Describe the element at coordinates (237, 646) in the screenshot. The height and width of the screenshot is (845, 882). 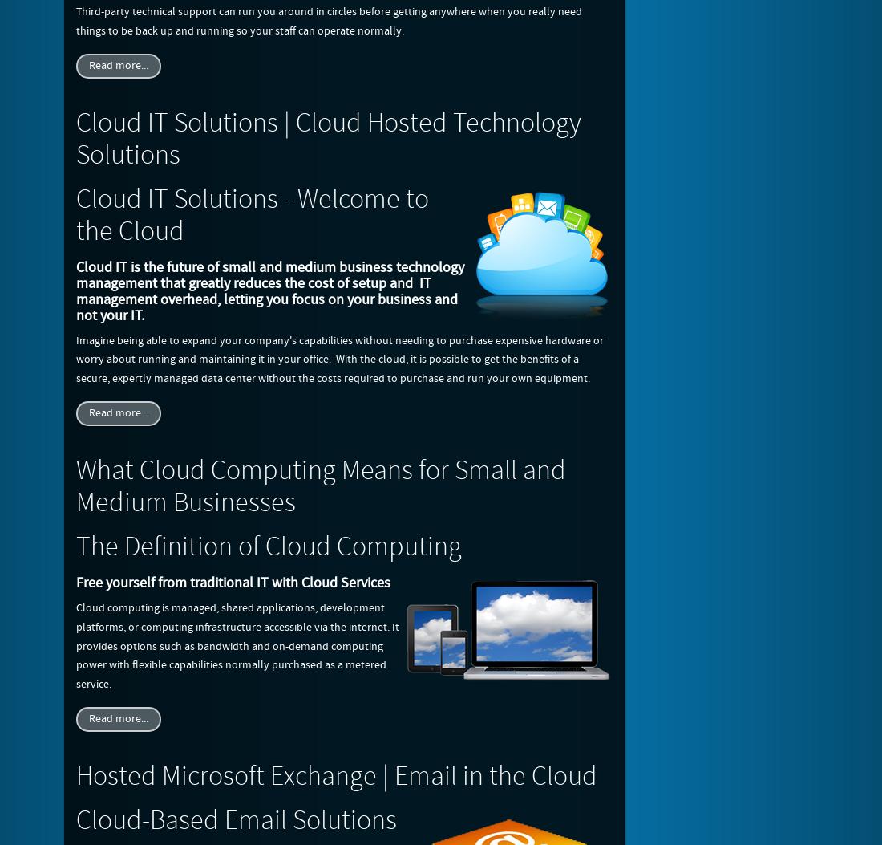
I see `'Cloud computing is managed, shared applications, development platforms, or computing infrastructure accessible via the internet. It provides options such as bandwidth and on-demand computing power with flexible capabilities normally purchased as a metered service.'` at that location.